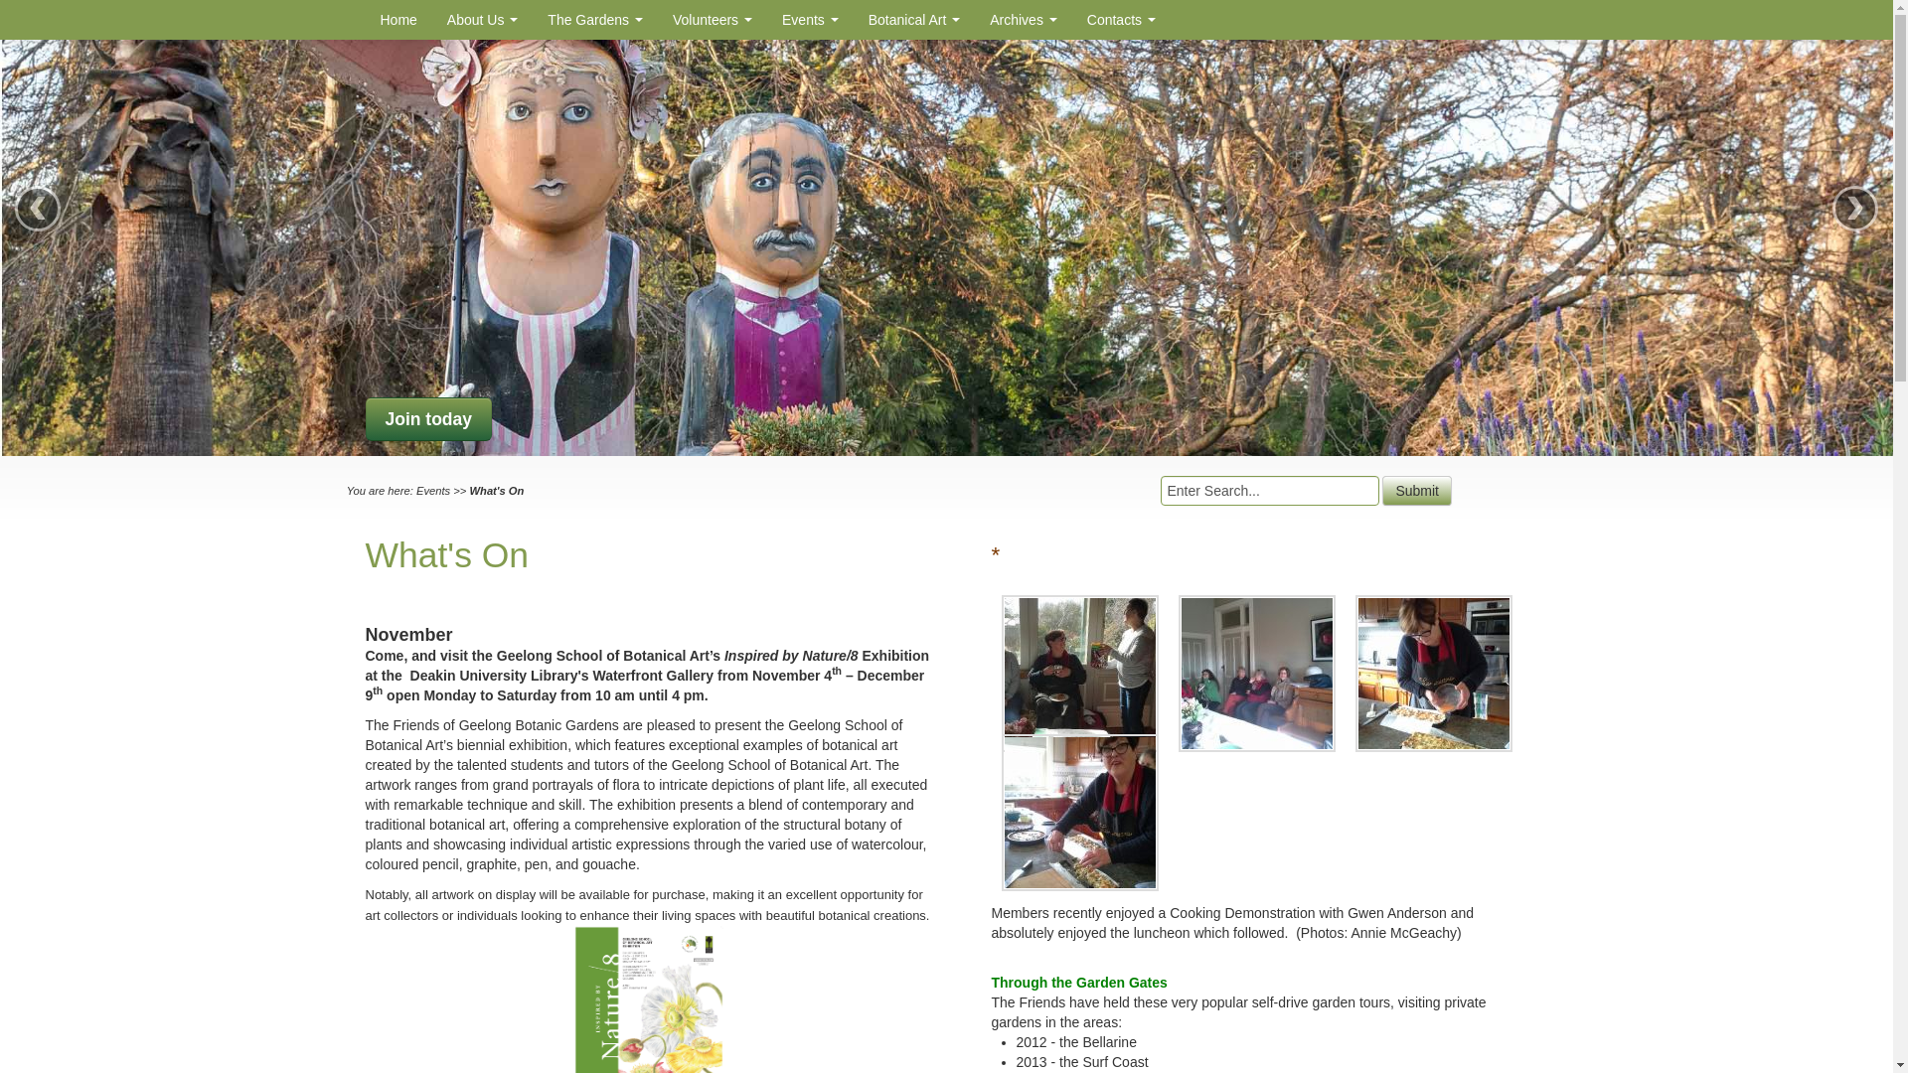 The height and width of the screenshot is (1073, 1908). I want to click on 'Events', so click(810, 19).